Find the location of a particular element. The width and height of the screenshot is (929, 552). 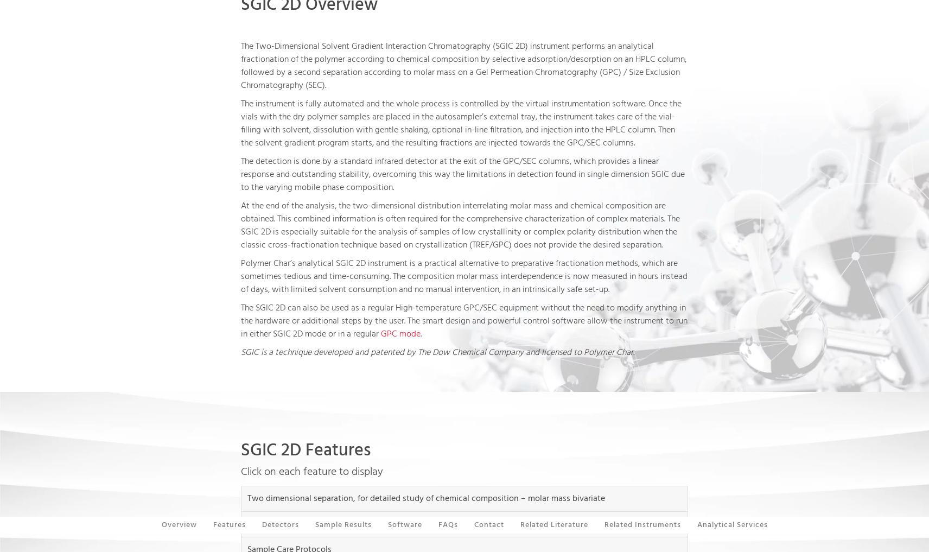

'Overview' is located at coordinates (179, 525).